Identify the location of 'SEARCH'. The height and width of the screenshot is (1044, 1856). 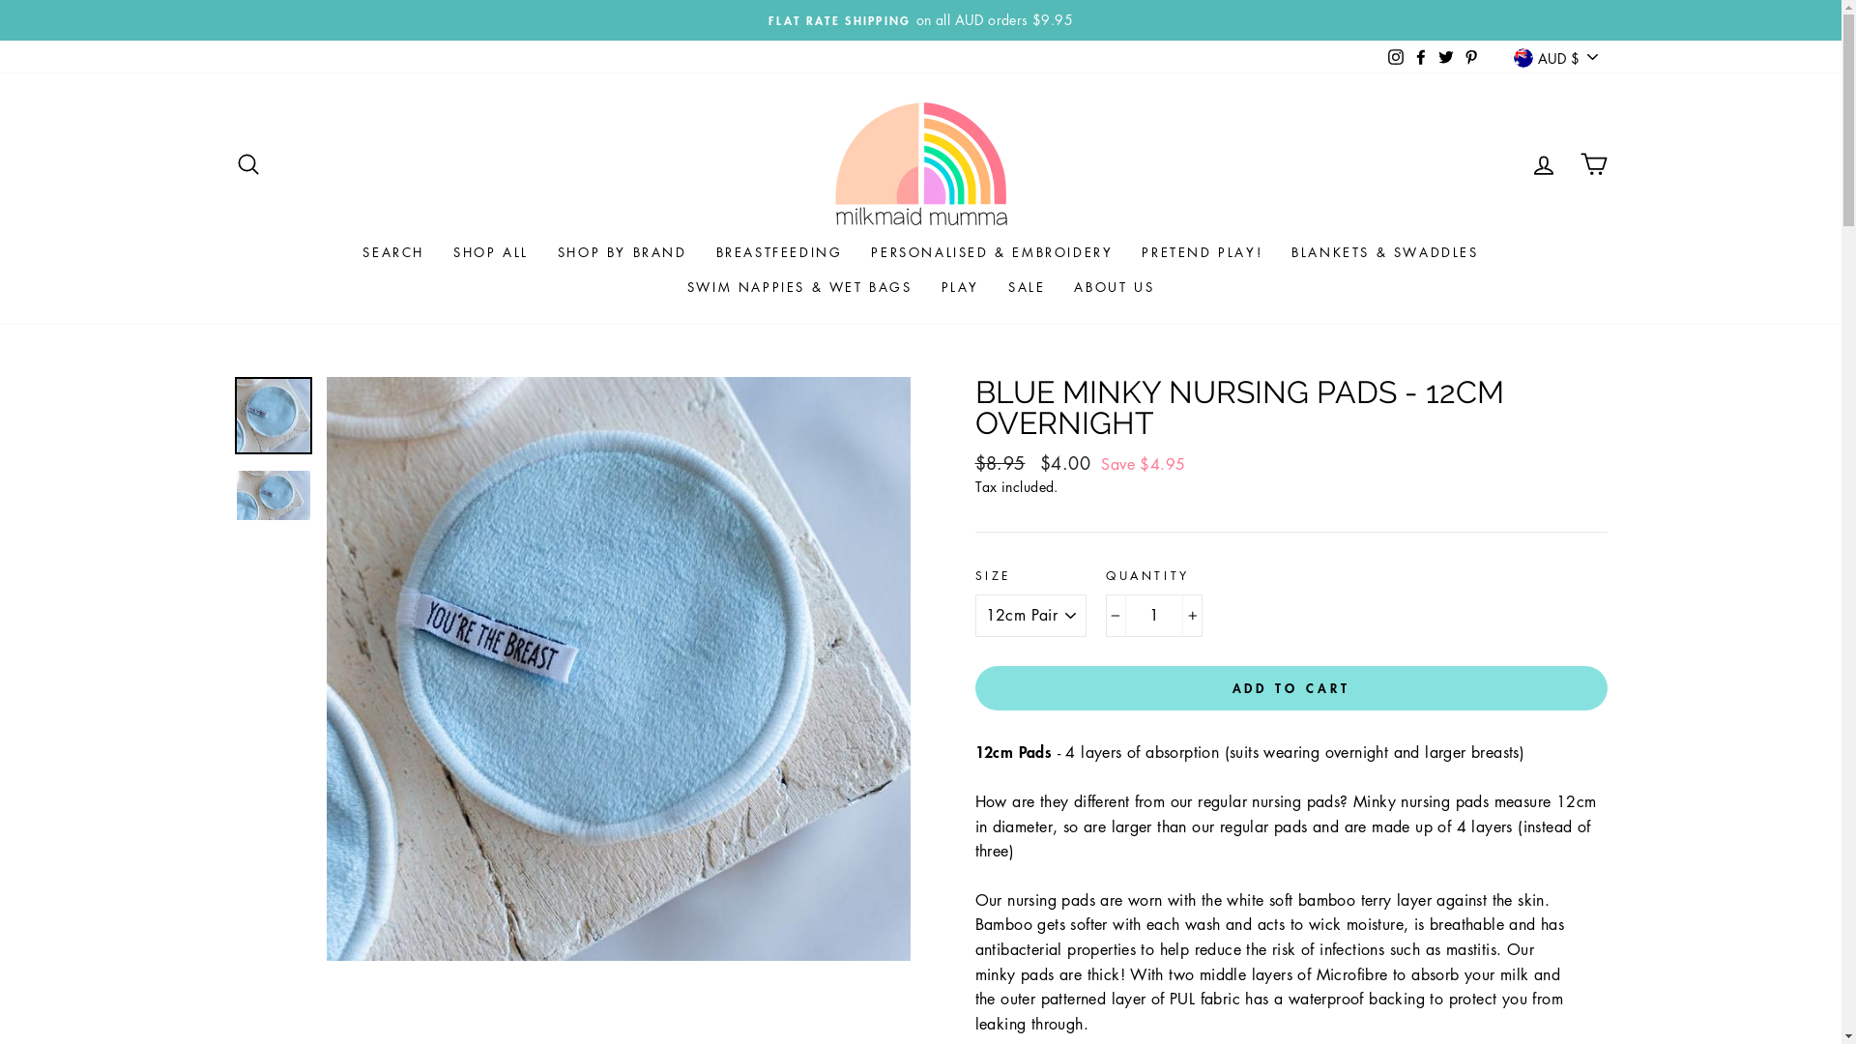
(246, 162).